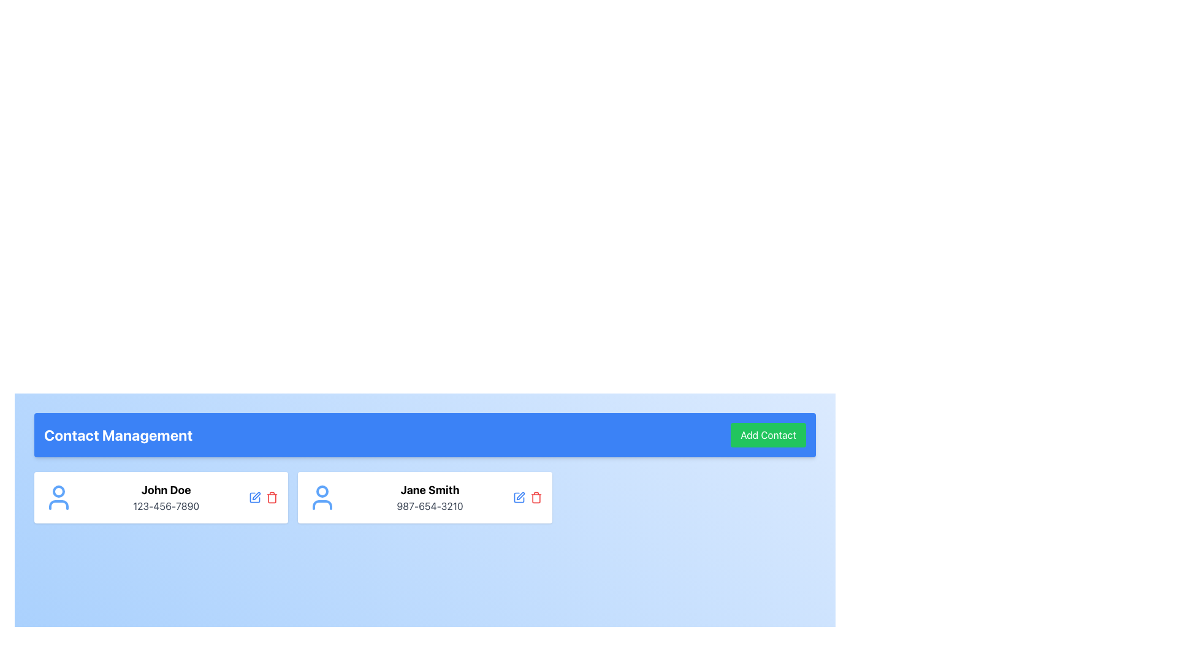 Image resolution: width=1177 pixels, height=662 pixels. What do you see at coordinates (322, 491) in the screenshot?
I see `the user icon head (circle shape) representing 'Jane Smith' in the second contact card of the 'Contact Management' interface` at bounding box center [322, 491].